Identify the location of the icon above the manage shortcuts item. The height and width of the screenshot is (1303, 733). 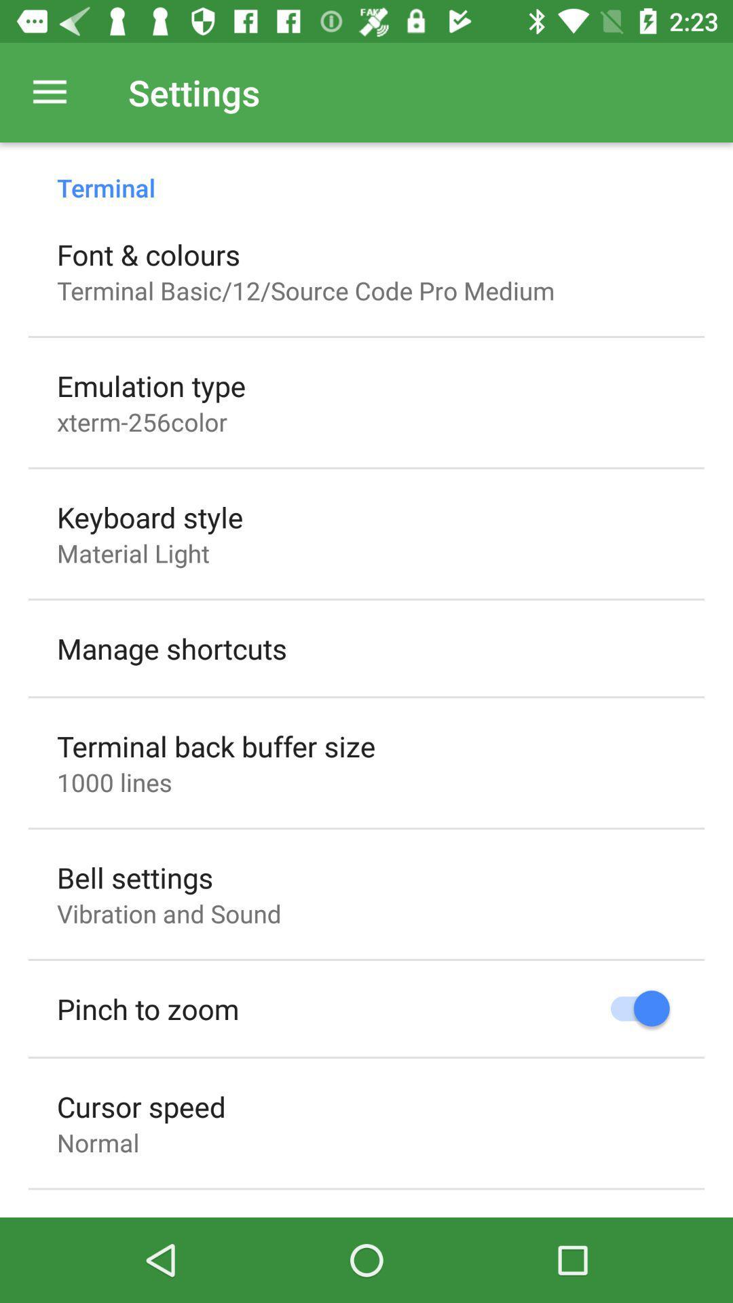
(133, 553).